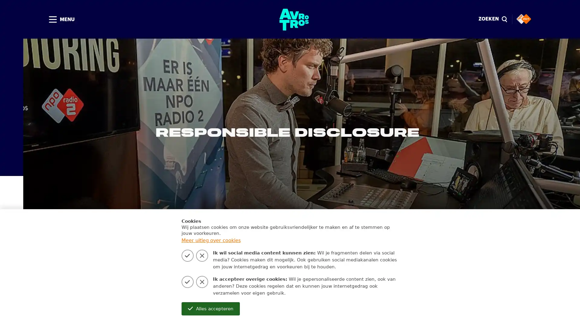 This screenshot has height=326, width=580. Describe the element at coordinates (504, 19) in the screenshot. I see `Sluiten` at that location.